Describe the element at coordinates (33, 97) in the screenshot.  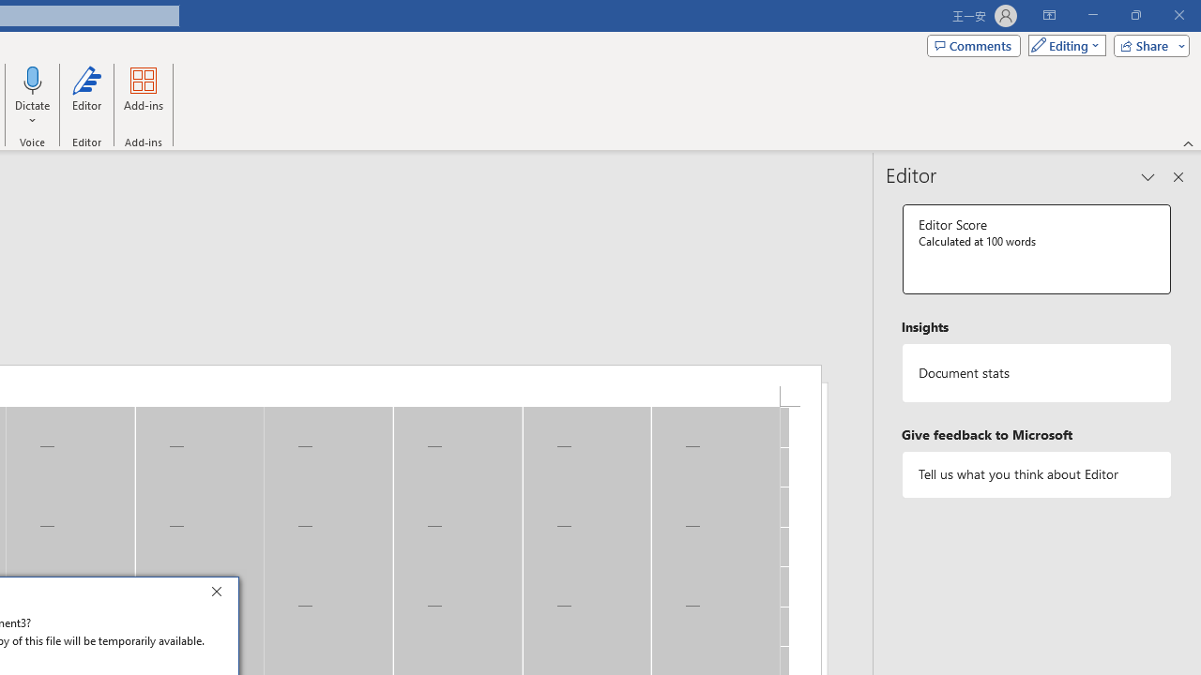
I see `'Dictate'` at that location.